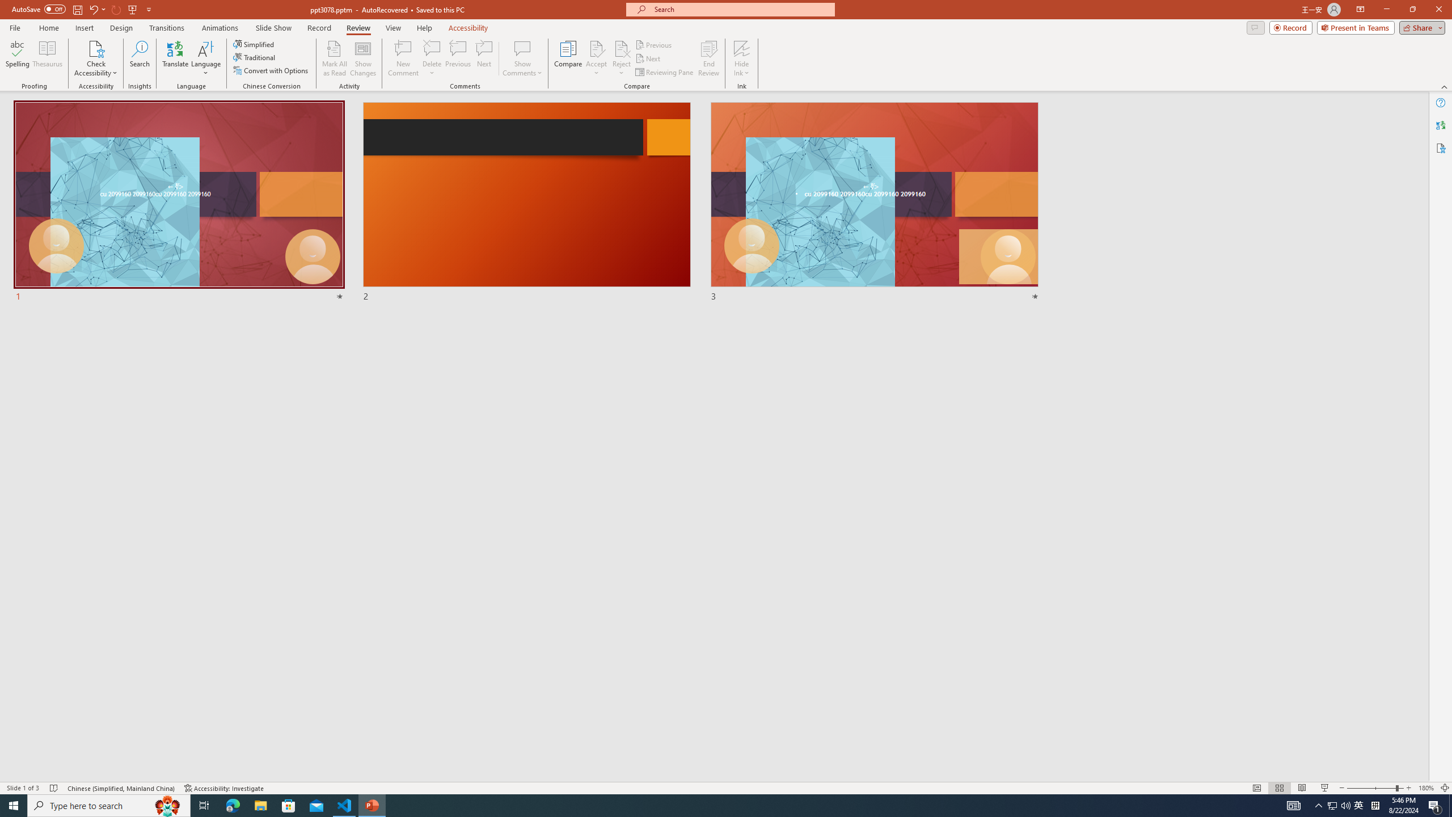 This screenshot has height=817, width=1452. I want to click on 'Reject', so click(621, 58).